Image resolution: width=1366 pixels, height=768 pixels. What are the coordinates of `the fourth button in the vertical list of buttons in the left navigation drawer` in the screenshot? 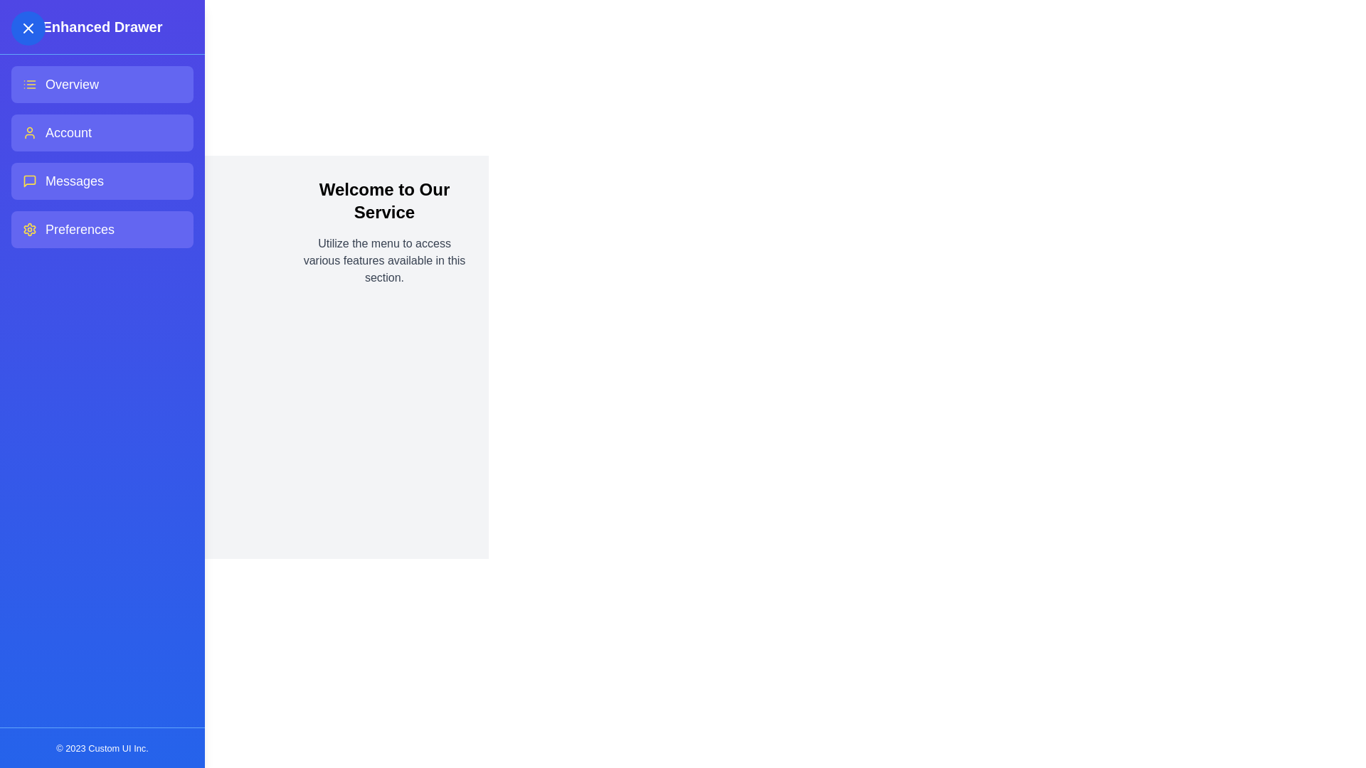 It's located at (102, 229).